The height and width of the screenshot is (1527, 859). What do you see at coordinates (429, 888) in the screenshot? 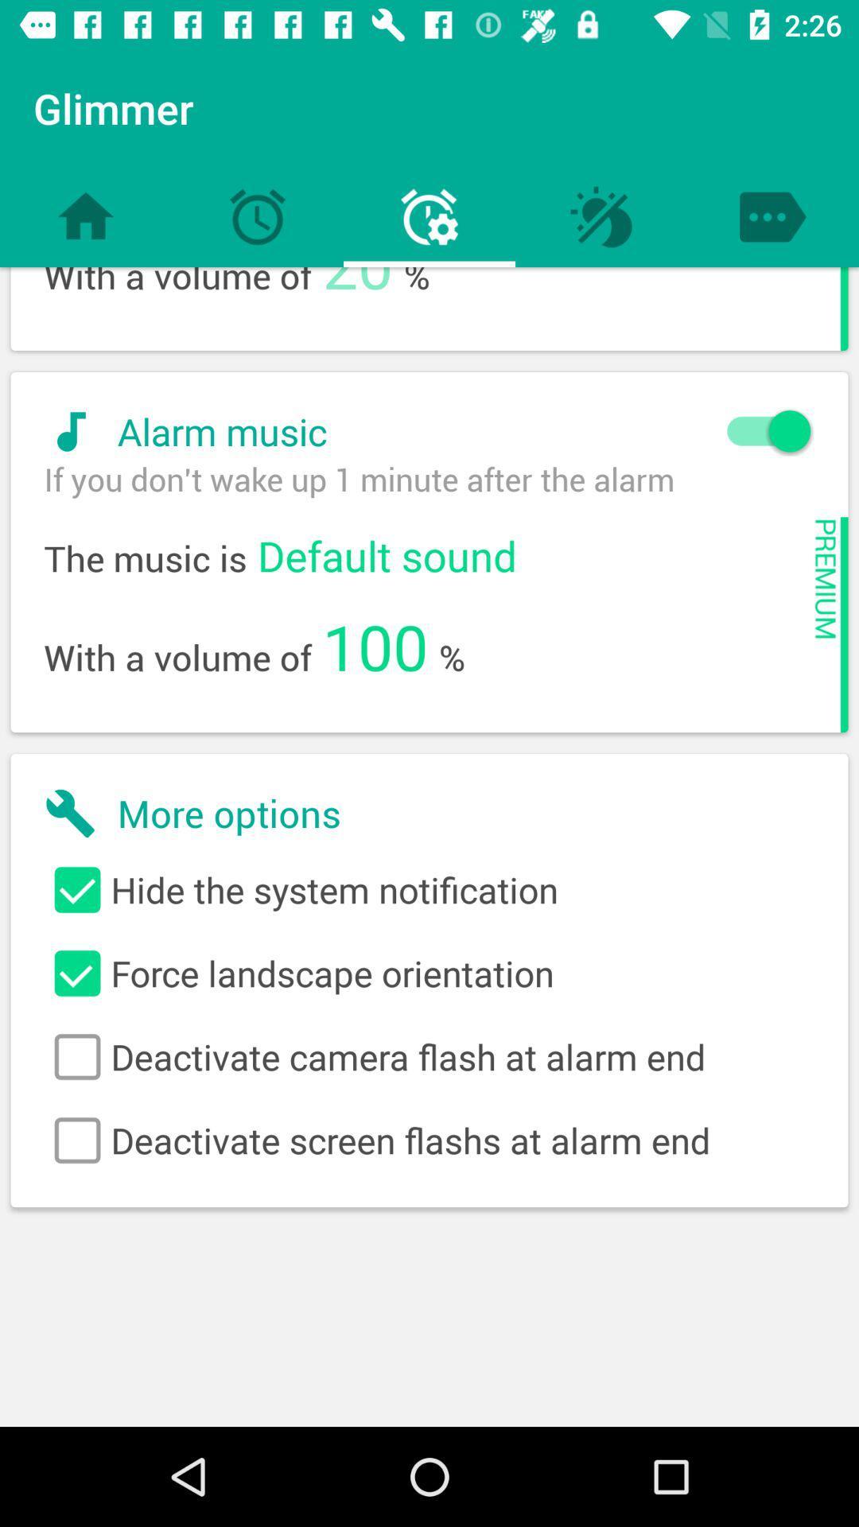
I see `hide the system` at bounding box center [429, 888].